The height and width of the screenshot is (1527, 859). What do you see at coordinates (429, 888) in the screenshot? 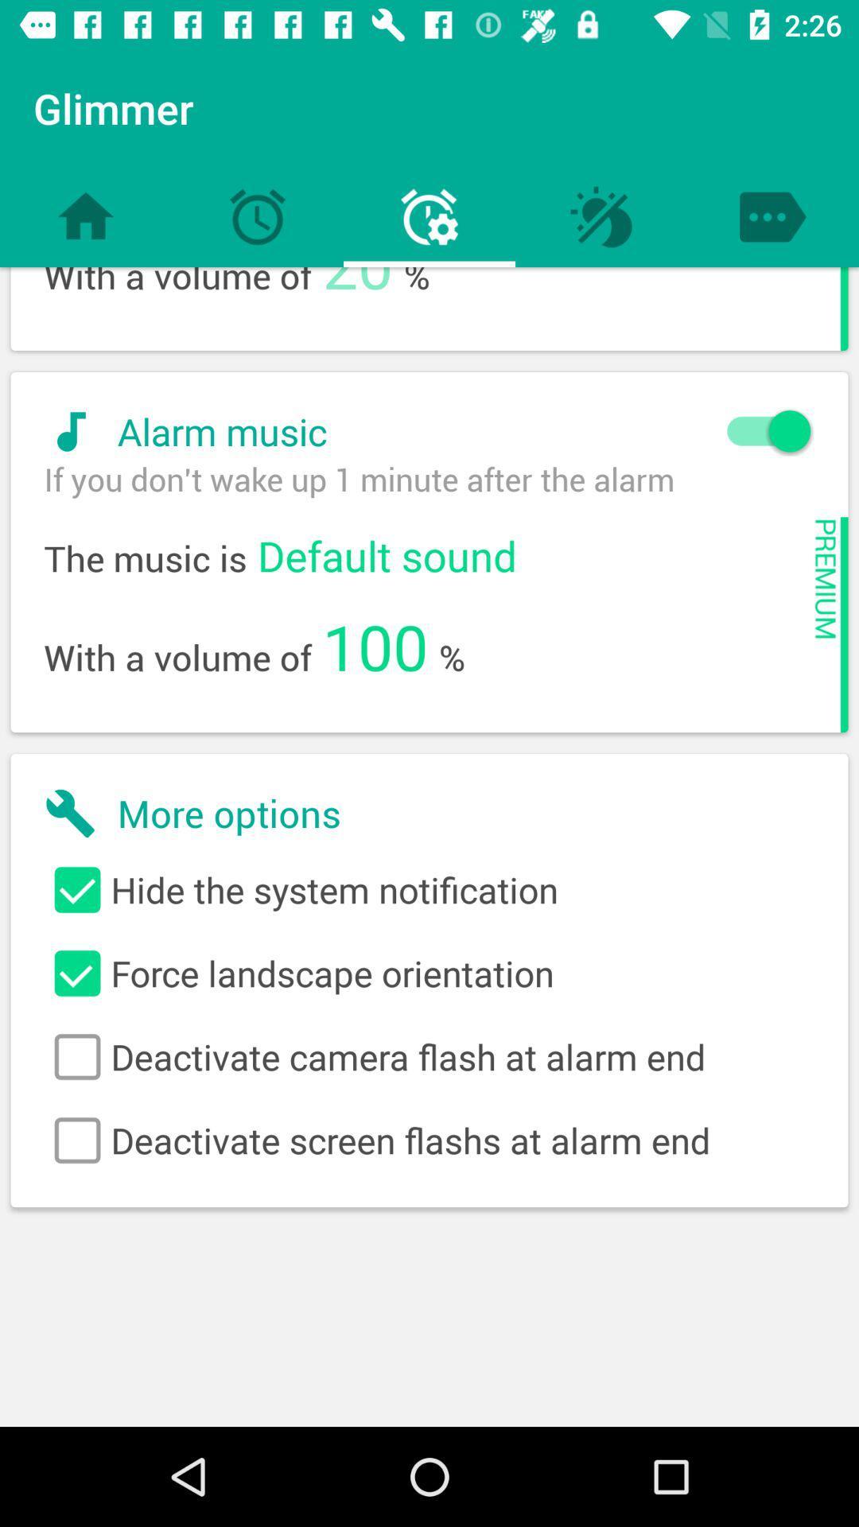
I see `hide the system` at bounding box center [429, 888].